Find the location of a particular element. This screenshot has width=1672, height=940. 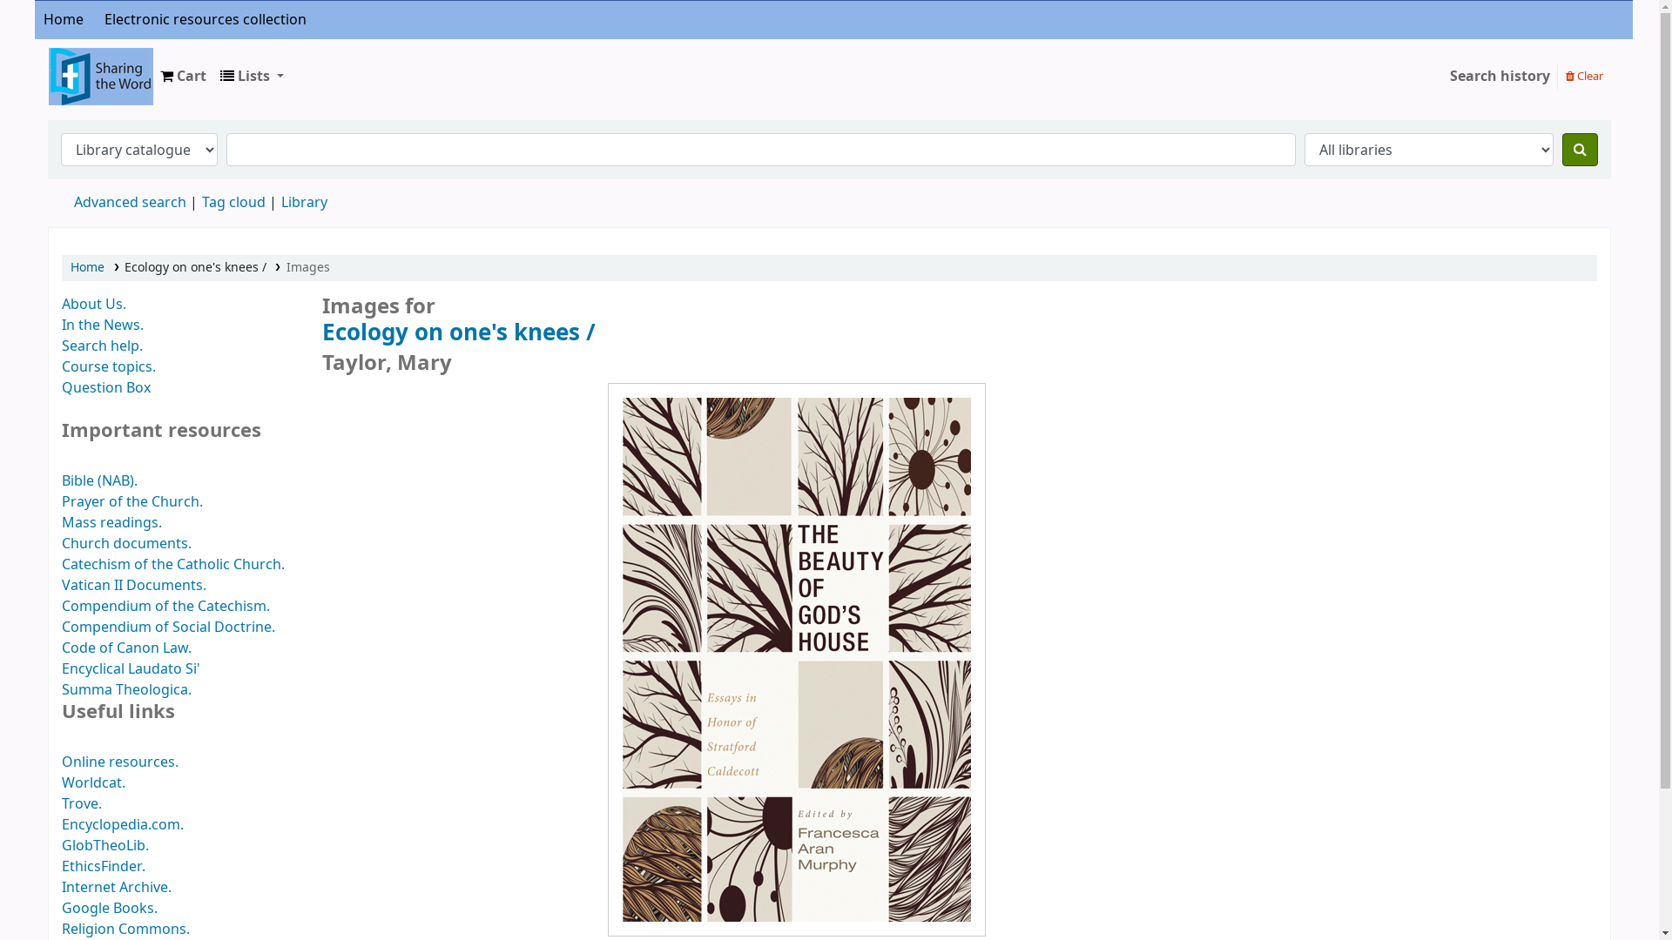

'Summa Theologica.' is located at coordinates (125, 689).